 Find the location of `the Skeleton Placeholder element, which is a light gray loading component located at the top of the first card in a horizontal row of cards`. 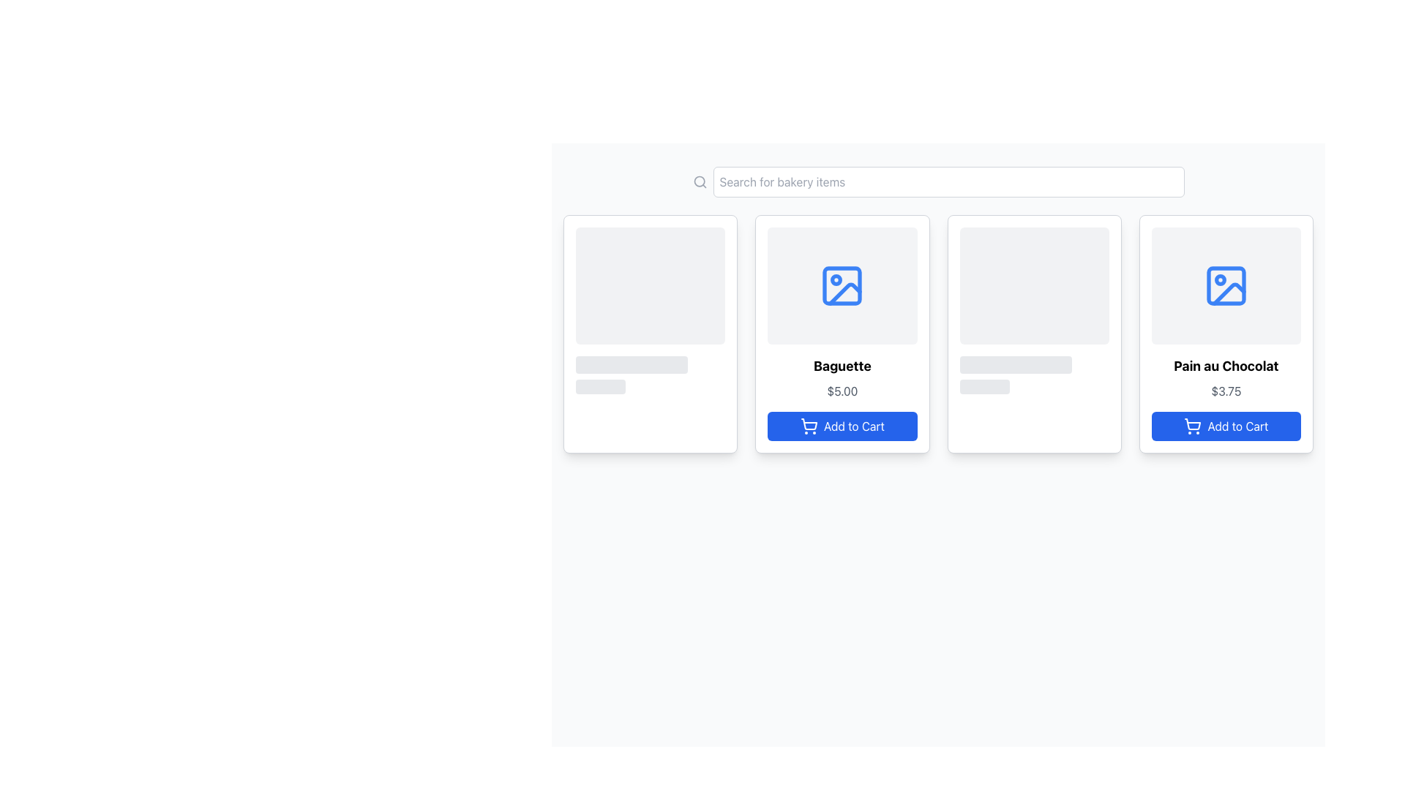

the Skeleton Placeholder element, which is a light gray loading component located at the top of the first card in a horizontal row of cards is located at coordinates (650, 309).